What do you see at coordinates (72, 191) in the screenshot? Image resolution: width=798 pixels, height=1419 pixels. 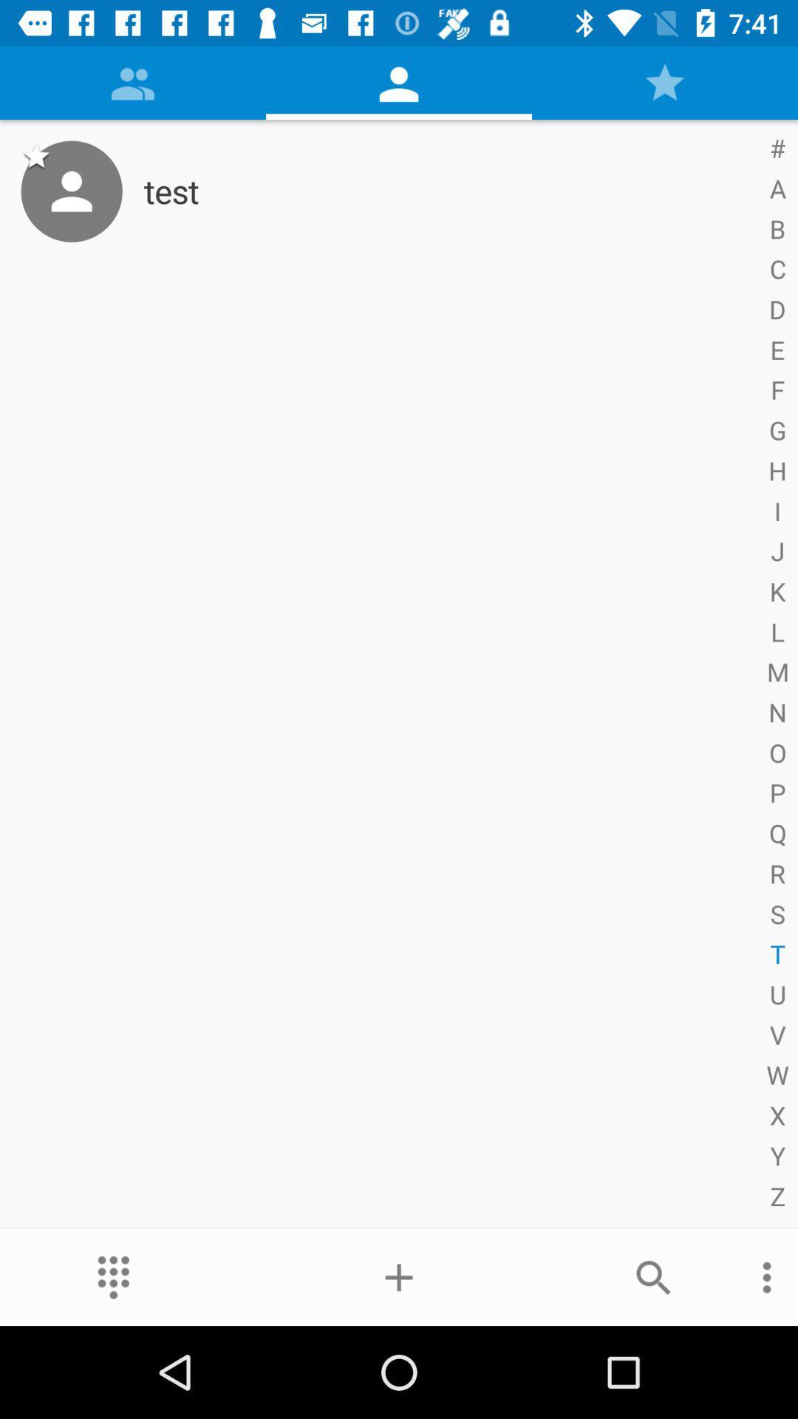 I see `the item next to test item` at bounding box center [72, 191].